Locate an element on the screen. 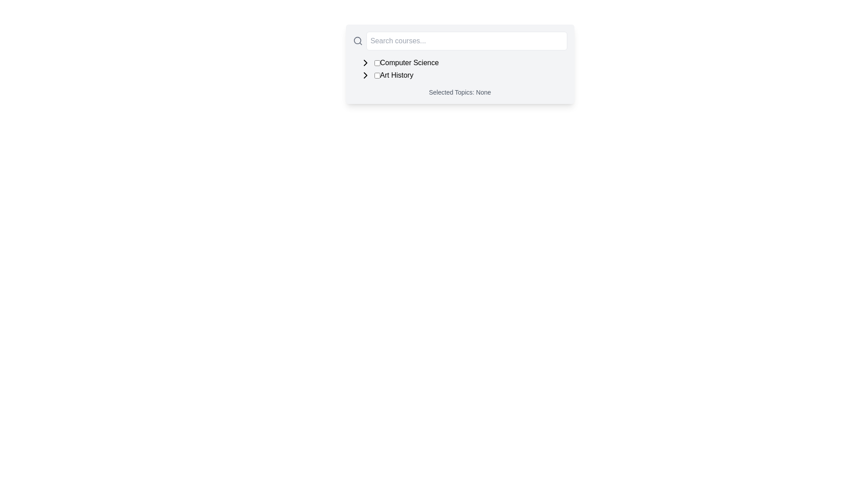 This screenshot has width=857, height=482. circular part of the search icon located on the top left of the search bar by using developer tools is located at coordinates (357, 41).